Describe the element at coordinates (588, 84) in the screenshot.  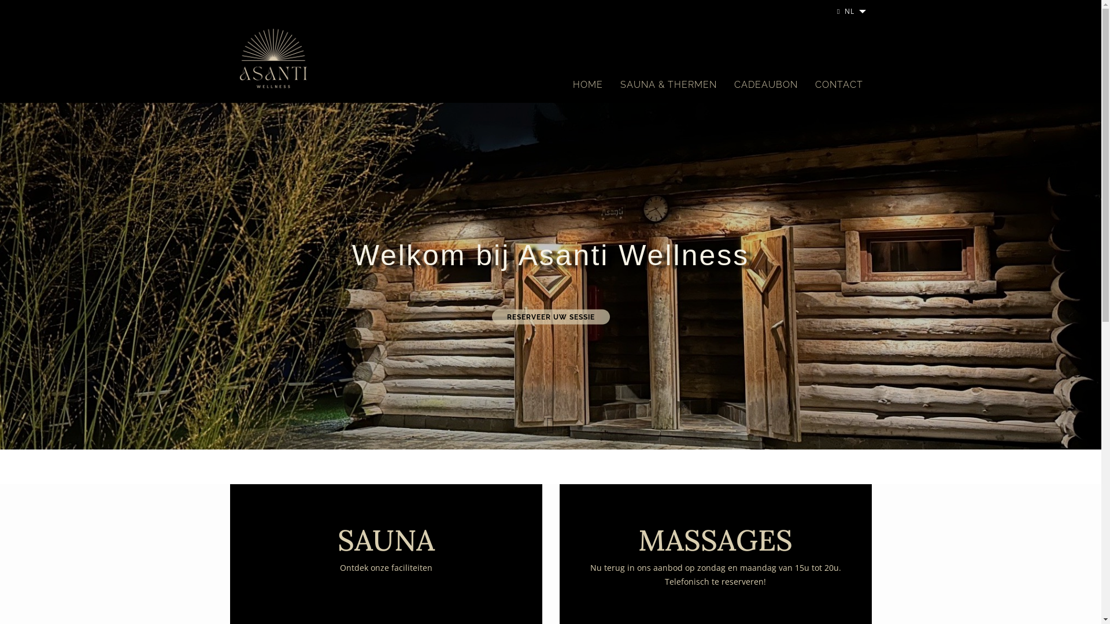
I see `'HOME'` at that location.